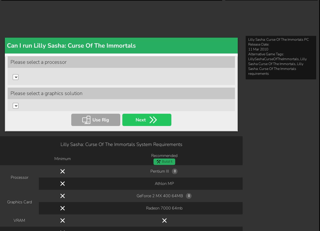 This screenshot has height=231, width=320. Describe the element at coordinates (164, 31) in the screenshot. I see `'Radeon 7000 64mb'` at that location.